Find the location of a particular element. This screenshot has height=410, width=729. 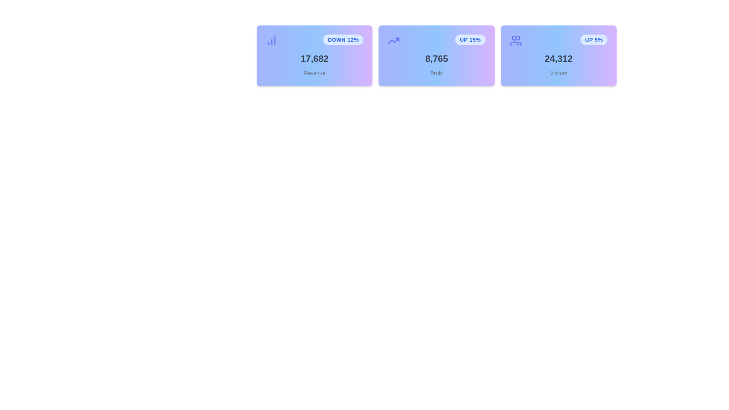

numeric value '17,682' from the bold, dark gray text label located within the brightly colored gradient card, positioned below the 'Down 12%' label and chart icon is located at coordinates (314, 58).